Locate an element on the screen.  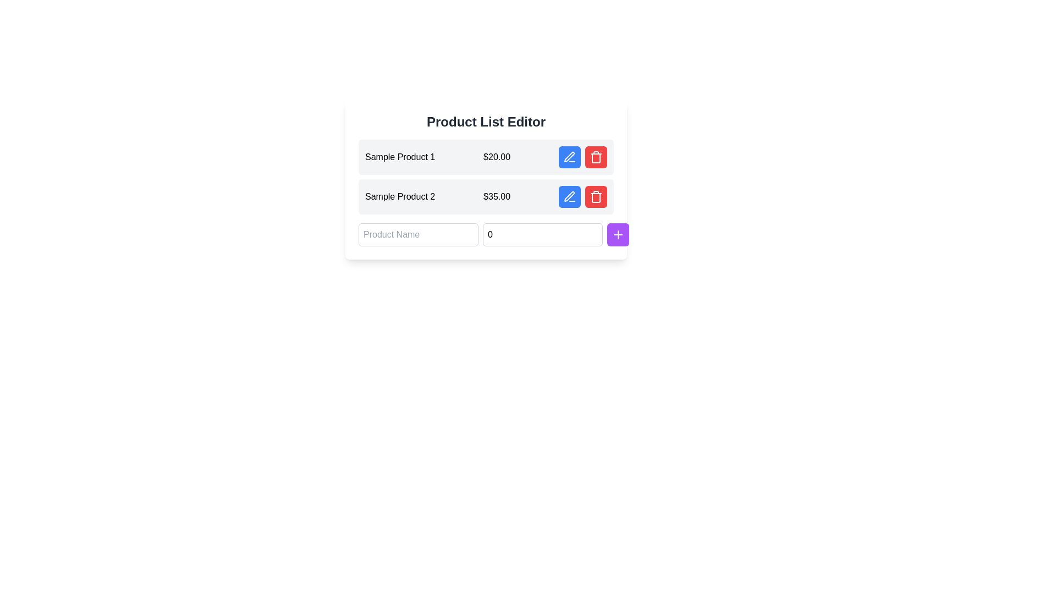
the blue circular button with a white pen icon, located to the right of 'Sample Product 2' and '$35.00', in the second row of product information is located at coordinates (570, 196).